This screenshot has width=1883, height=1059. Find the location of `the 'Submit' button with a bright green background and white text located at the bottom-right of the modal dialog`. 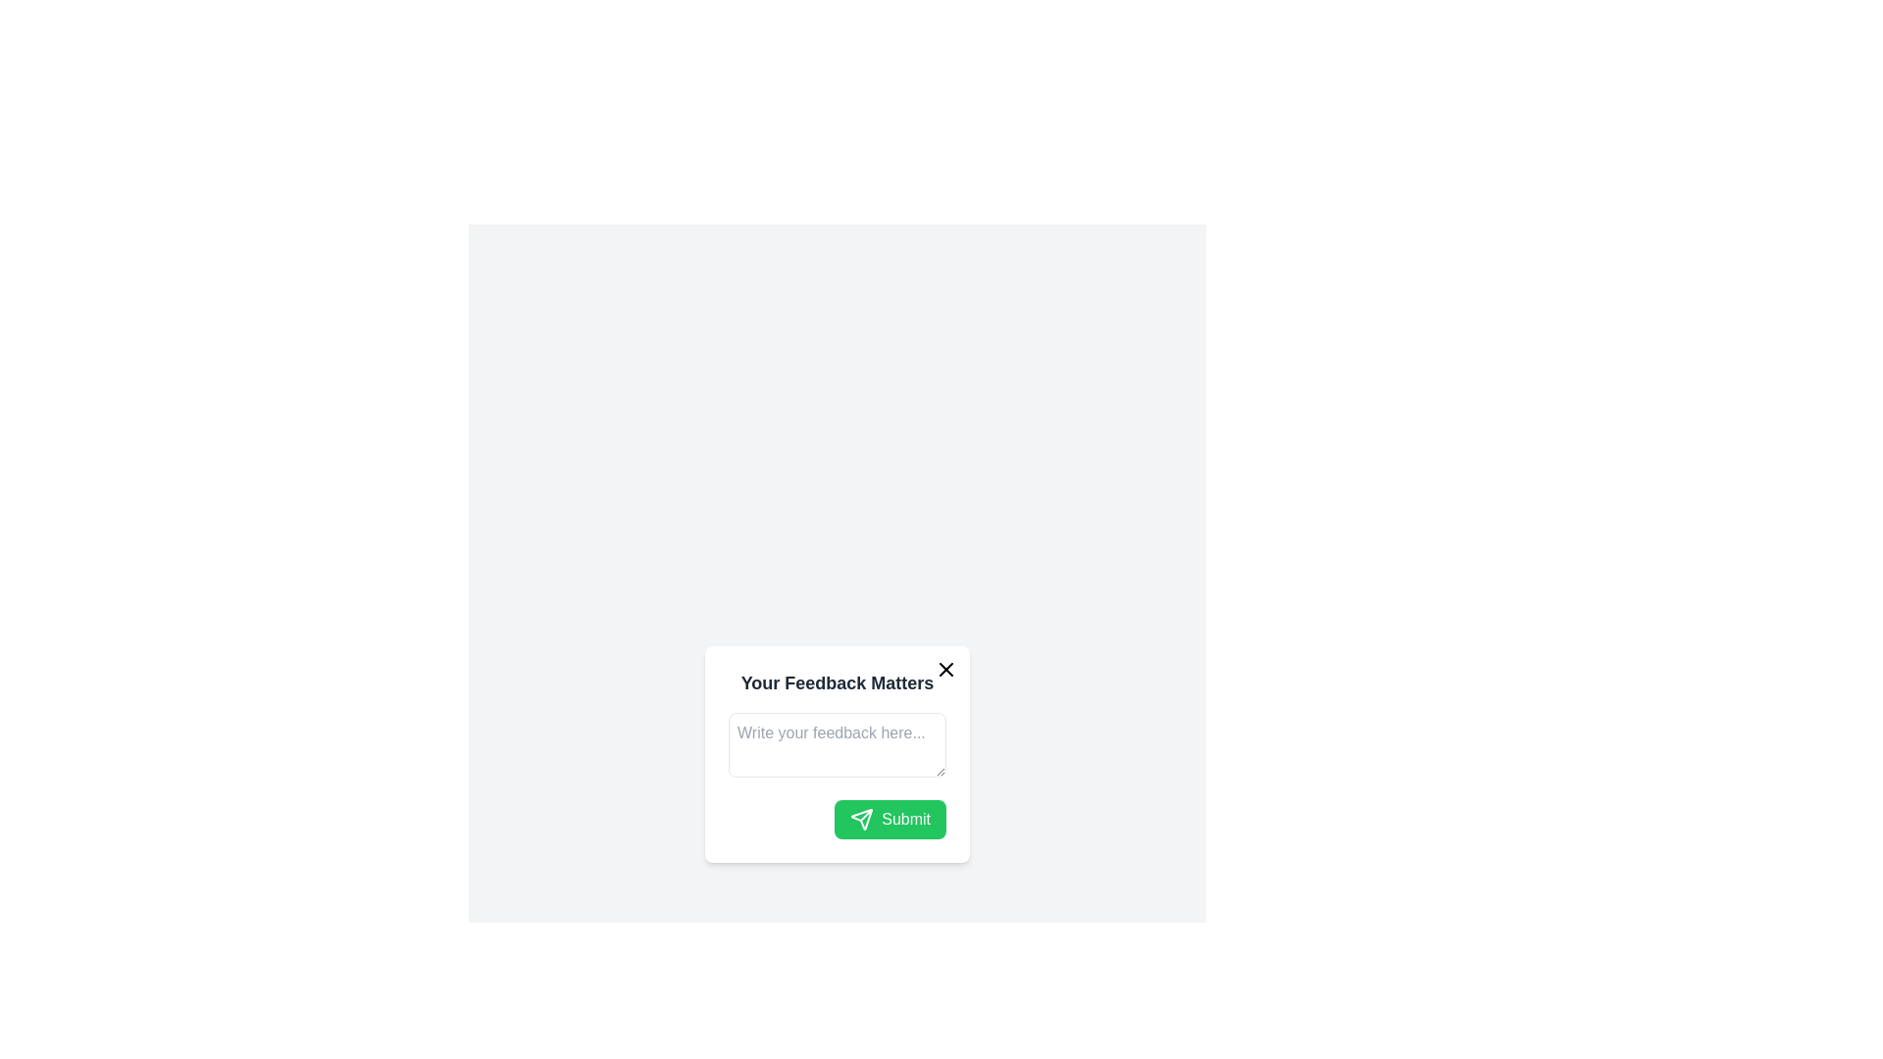

the 'Submit' button with a bright green background and white text located at the bottom-right of the modal dialog is located at coordinates (889, 818).